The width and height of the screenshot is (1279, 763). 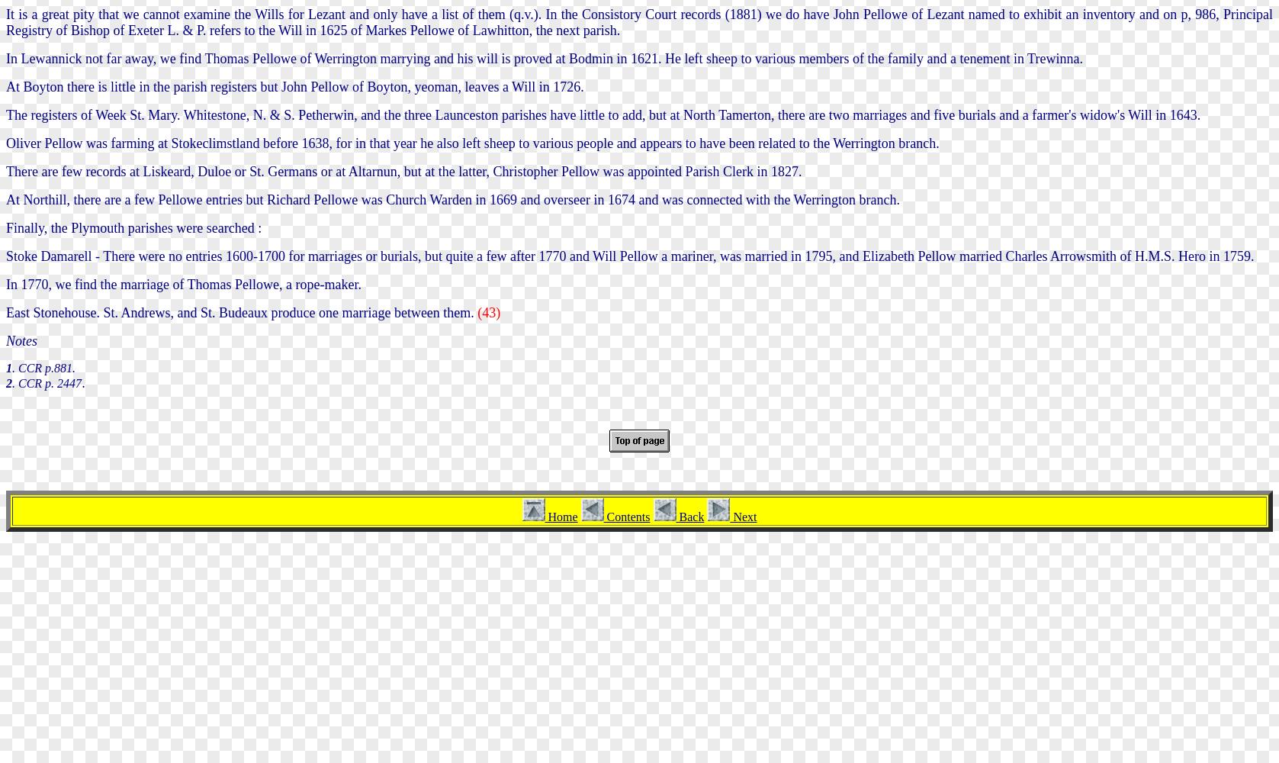 I want to click on 'At Boyton
there is little in the parish registers but John Pellow of Boyton, yeoman,
leaves a Will in 1726.', so click(x=294, y=85).